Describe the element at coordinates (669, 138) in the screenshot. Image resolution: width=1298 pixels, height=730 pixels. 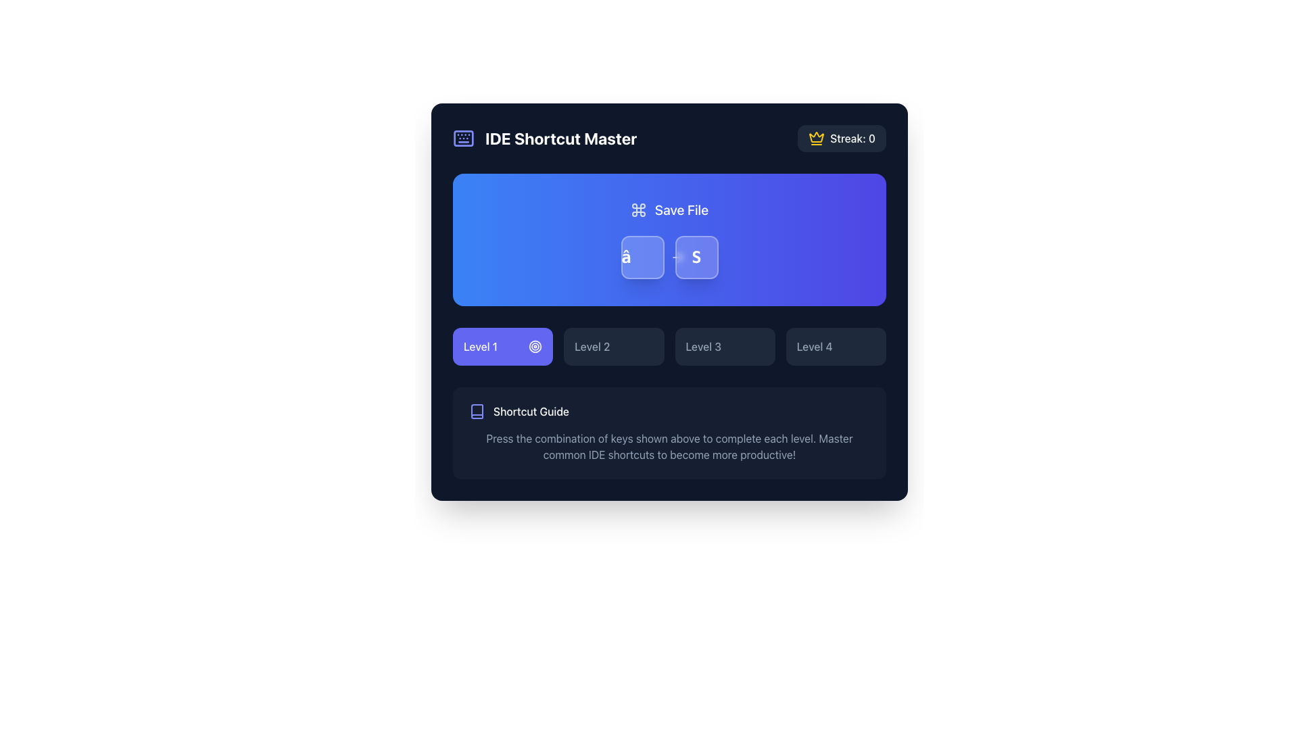
I see `displayed information from the Information Bar which shows 'IDE Shortcut Master' on the left and 'Streak: 0' on the right` at that location.